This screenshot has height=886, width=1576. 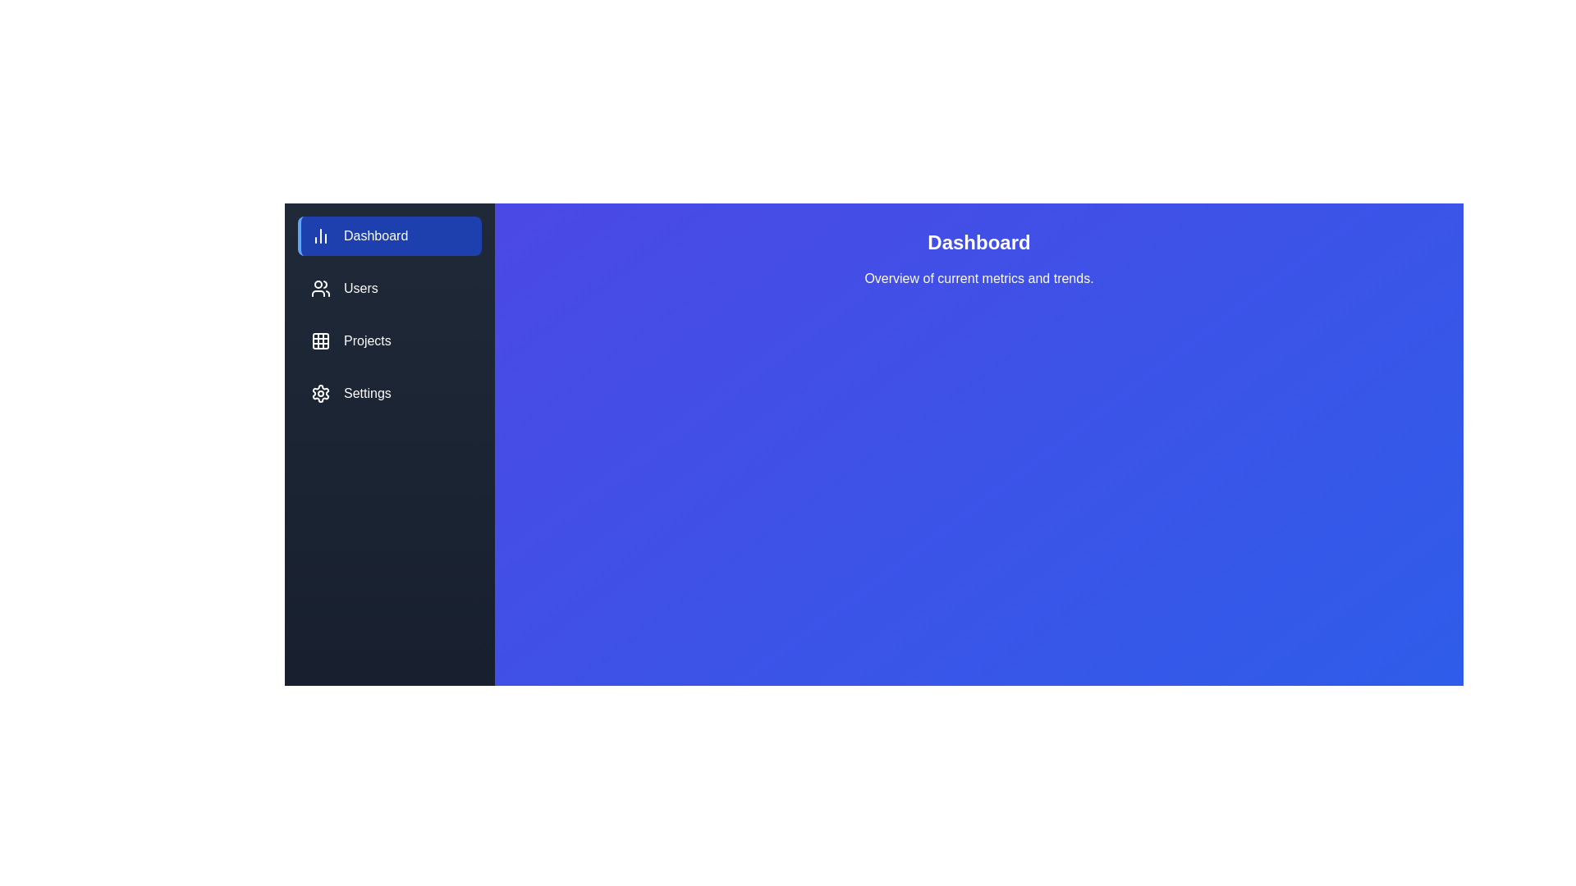 I want to click on the Dashboard tab to observe visual feedback, so click(x=389, y=236).